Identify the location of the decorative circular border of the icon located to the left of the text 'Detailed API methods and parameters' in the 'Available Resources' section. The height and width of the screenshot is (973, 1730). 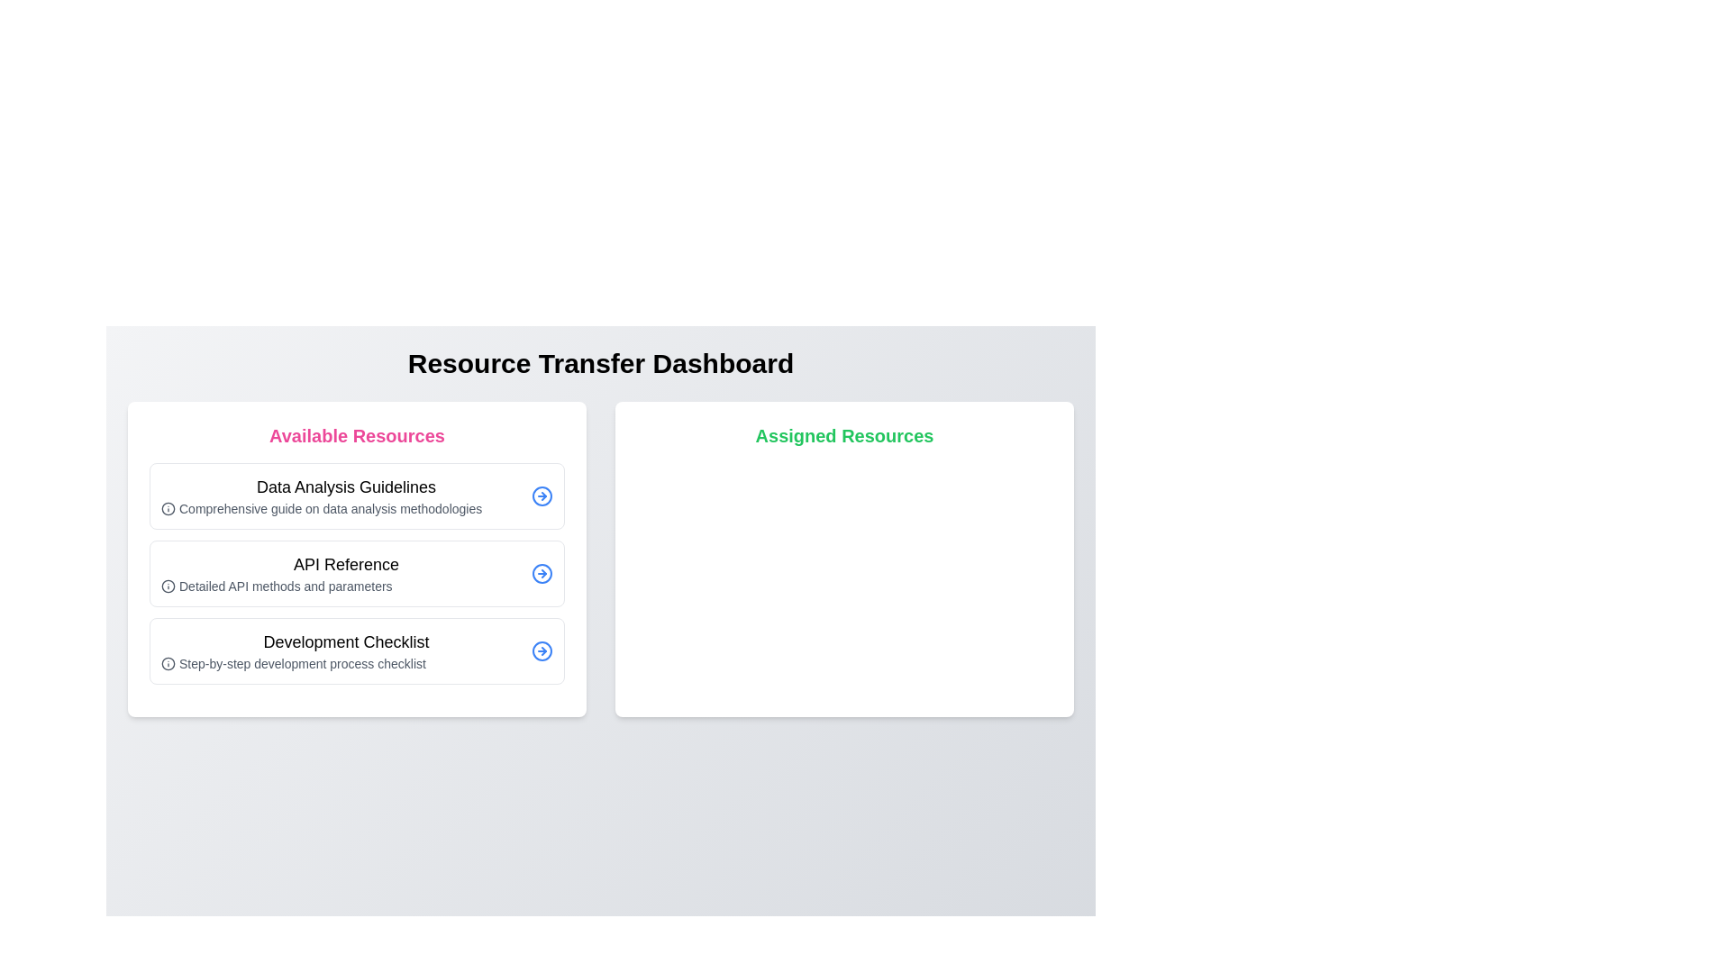
(168, 587).